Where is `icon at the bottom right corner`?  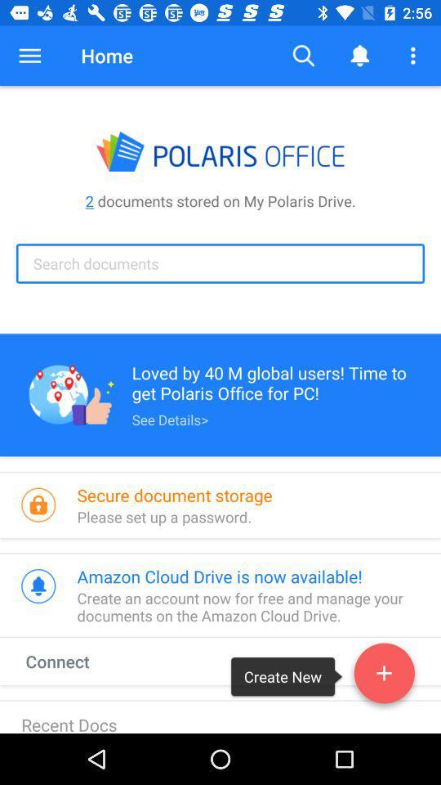 icon at the bottom right corner is located at coordinates (384, 676).